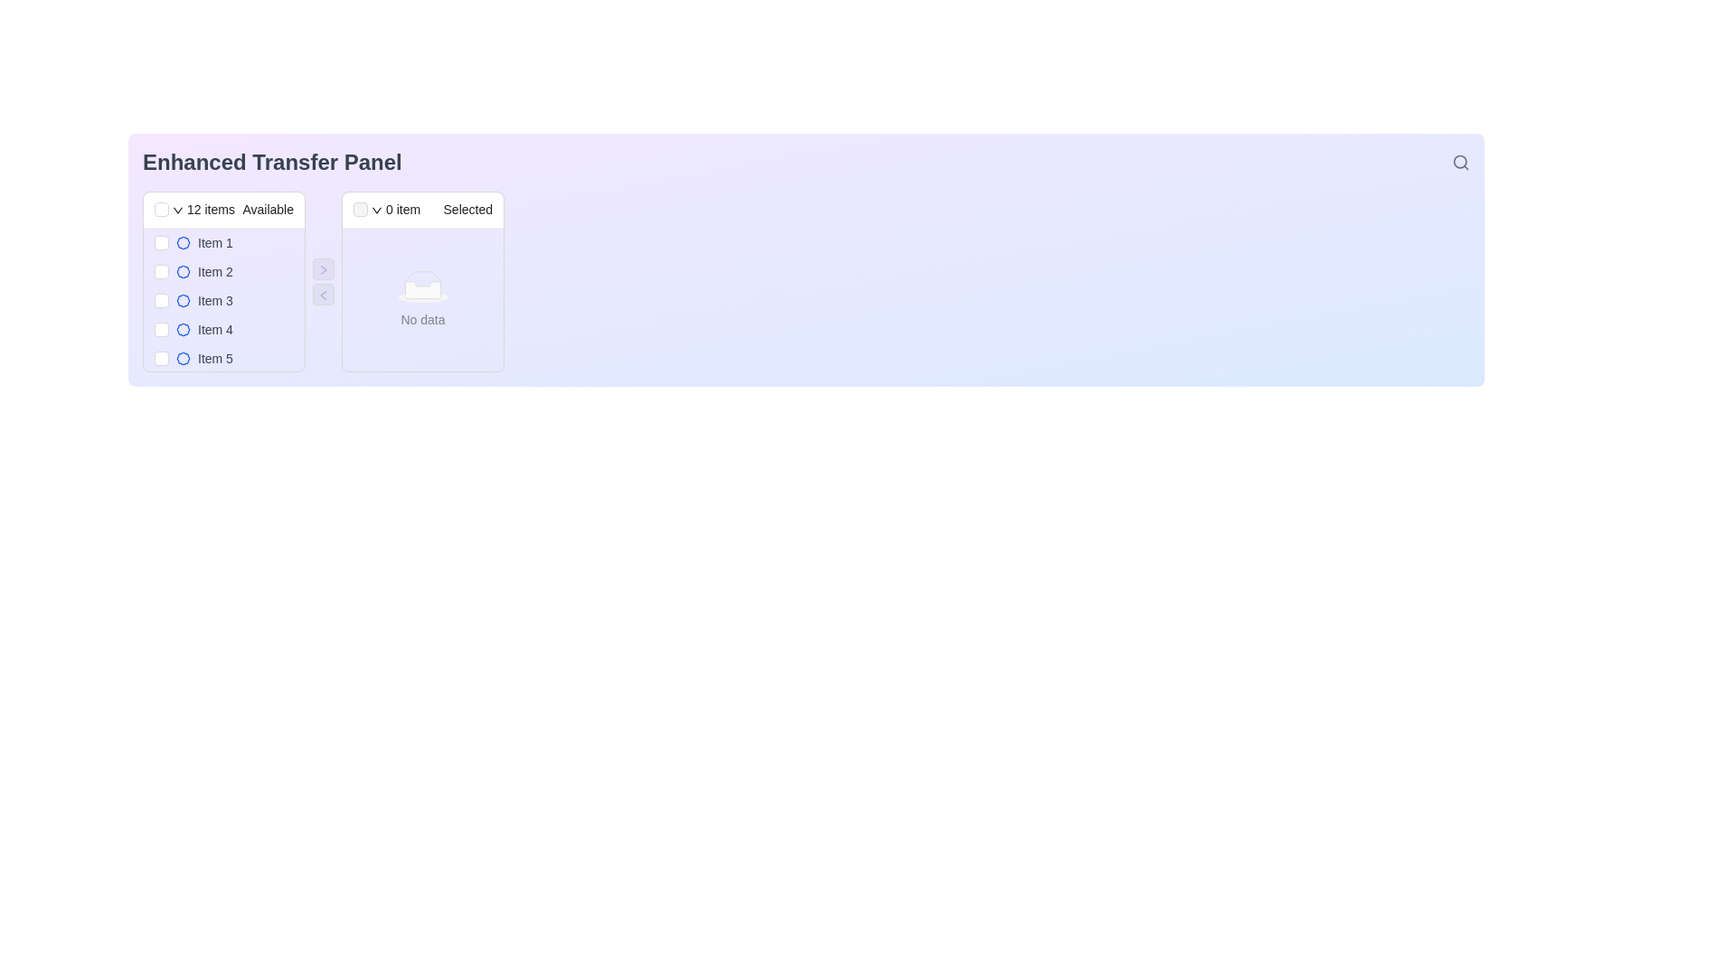 This screenshot has width=1736, height=976. I want to click on the standard checkbox located to the left of the text label 'Item 5' in the vertical list of selectable items, so click(161, 359).